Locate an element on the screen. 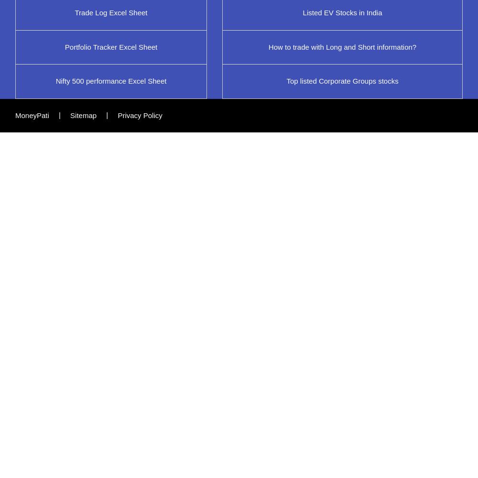 This screenshot has height=478, width=478. 'MoneyPati' is located at coordinates (32, 114).